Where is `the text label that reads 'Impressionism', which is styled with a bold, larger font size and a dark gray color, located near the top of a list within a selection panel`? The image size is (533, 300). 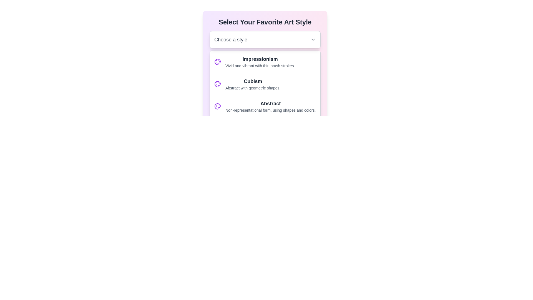
the text label that reads 'Impressionism', which is styled with a bold, larger font size and a dark gray color, located near the top of a list within a selection panel is located at coordinates (260, 59).